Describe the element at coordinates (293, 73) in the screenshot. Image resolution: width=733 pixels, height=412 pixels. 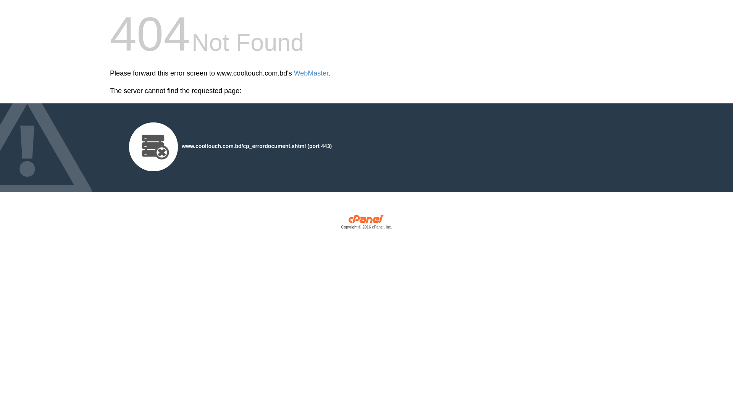
I see `'WebMaster'` at that location.